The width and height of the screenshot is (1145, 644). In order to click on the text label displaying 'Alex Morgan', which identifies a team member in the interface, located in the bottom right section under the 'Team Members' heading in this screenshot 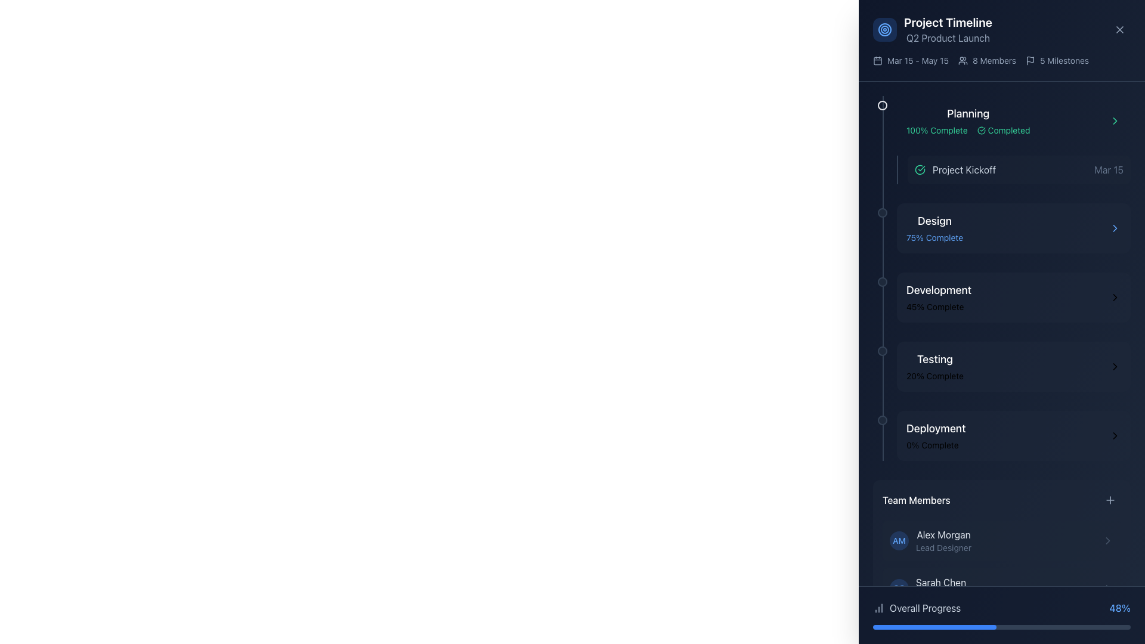, I will do `click(943, 534)`.